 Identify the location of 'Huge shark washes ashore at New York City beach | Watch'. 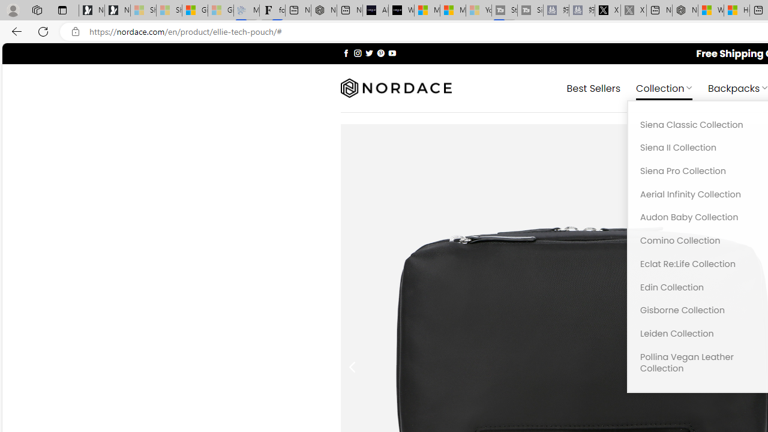
(736, 10).